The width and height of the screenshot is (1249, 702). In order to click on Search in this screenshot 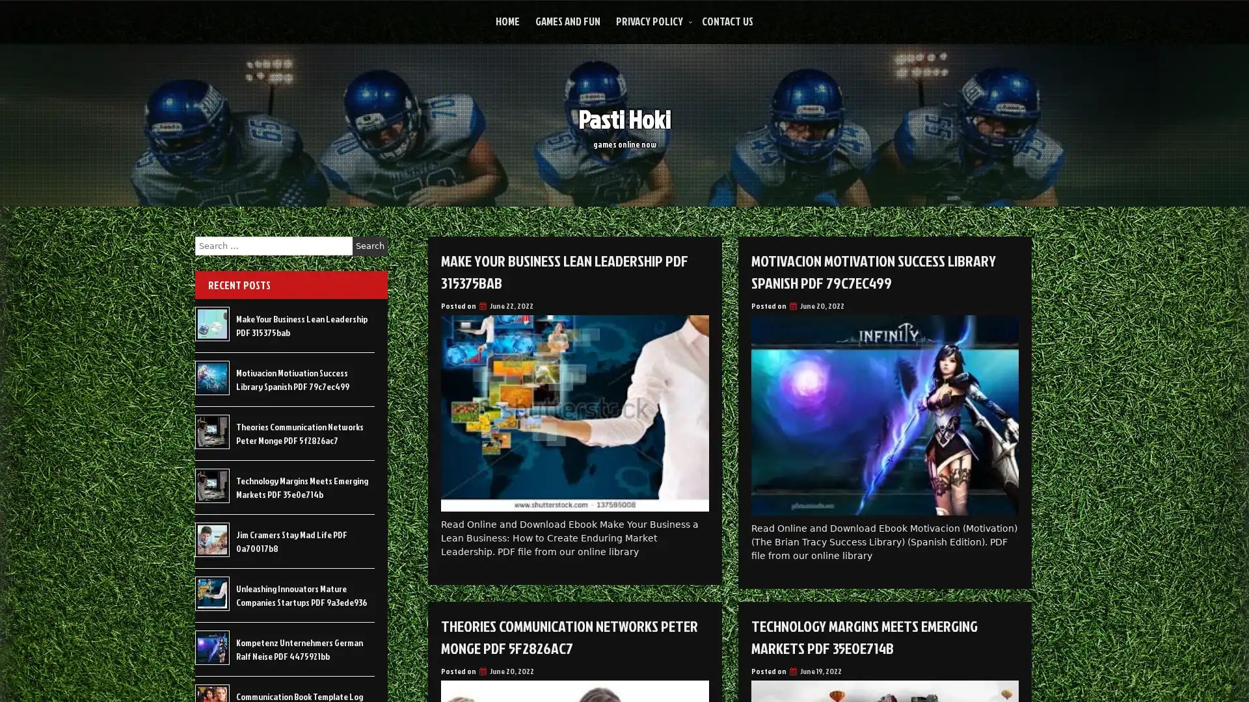, I will do `click(369, 246)`.